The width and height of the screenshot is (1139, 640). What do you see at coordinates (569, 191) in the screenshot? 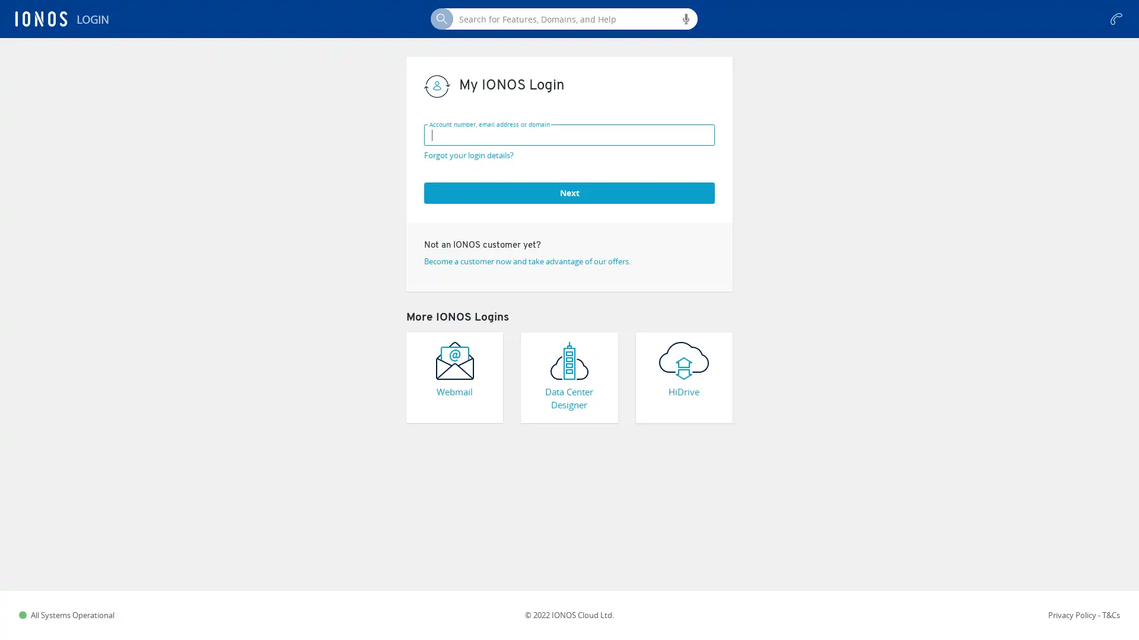
I see `Next` at bounding box center [569, 191].